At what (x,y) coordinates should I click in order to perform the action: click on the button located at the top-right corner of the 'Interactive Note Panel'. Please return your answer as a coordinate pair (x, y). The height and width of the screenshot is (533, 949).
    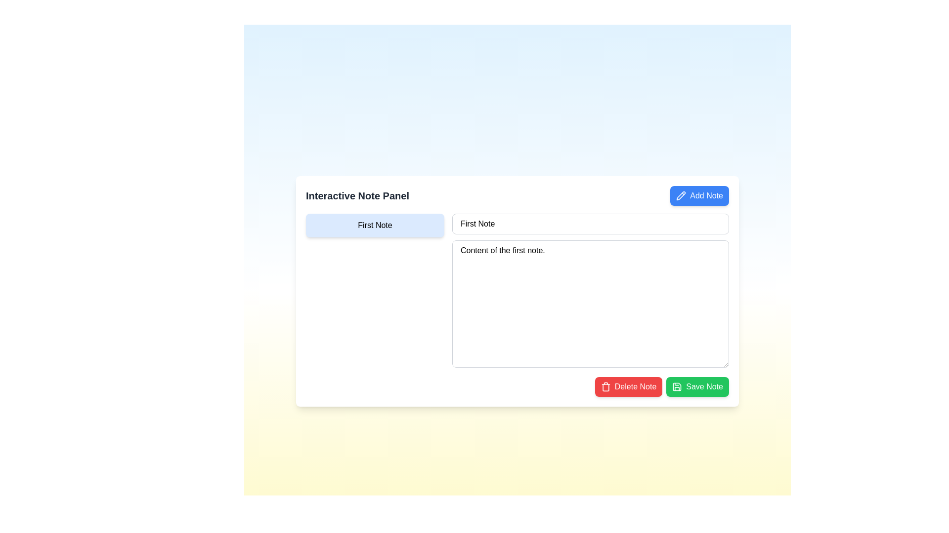
    Looking at the image, I should click on (699, 195).